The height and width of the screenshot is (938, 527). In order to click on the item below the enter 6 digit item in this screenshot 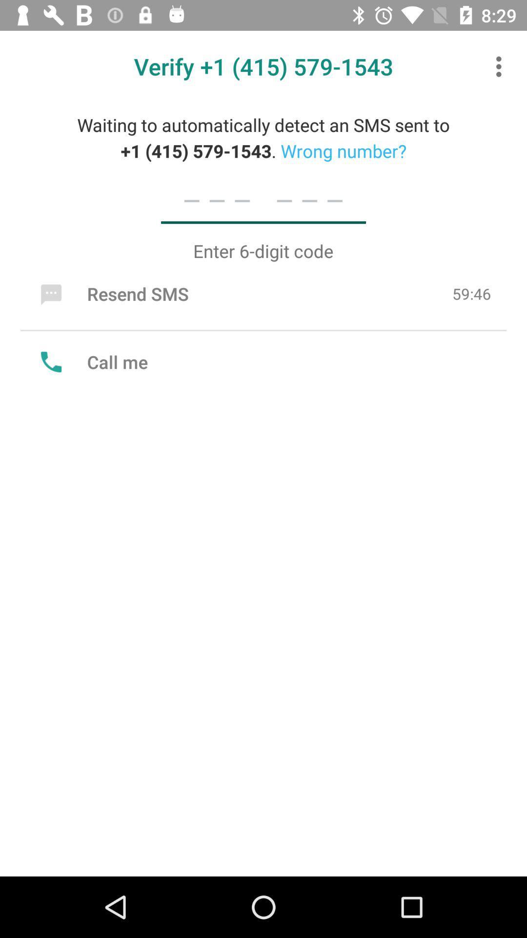, I will do `click(112, 293)`.